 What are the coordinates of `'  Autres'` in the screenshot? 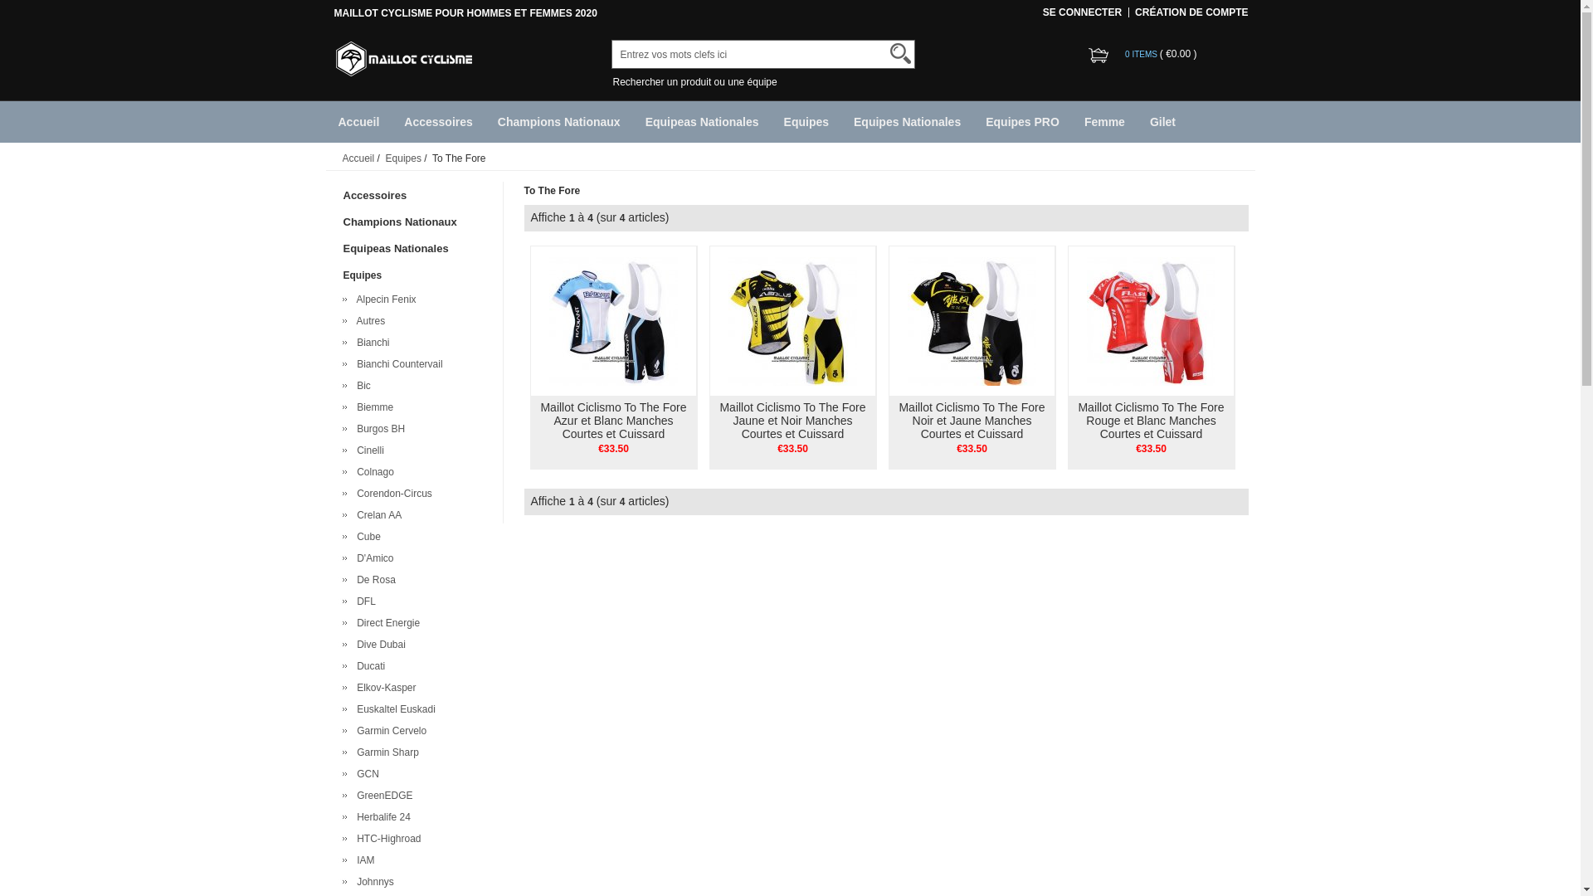 It's located at (368, 320).